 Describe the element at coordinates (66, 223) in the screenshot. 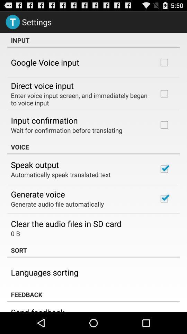

I see `app above 0 b` at that location.